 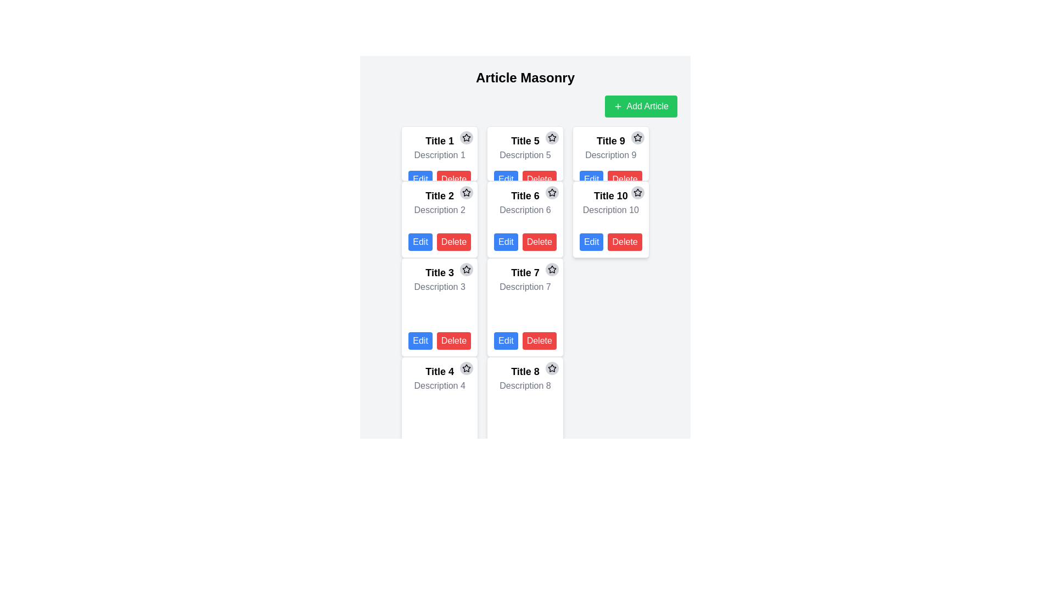 What do you see at coordinates (552, 368) in the screenshot?
I see `the star SVG graphic icon located in the top-right corner of the card labeled 'Title 8 Description 8' to mark the associated item as a favorite` at bounding box center [552, 368].